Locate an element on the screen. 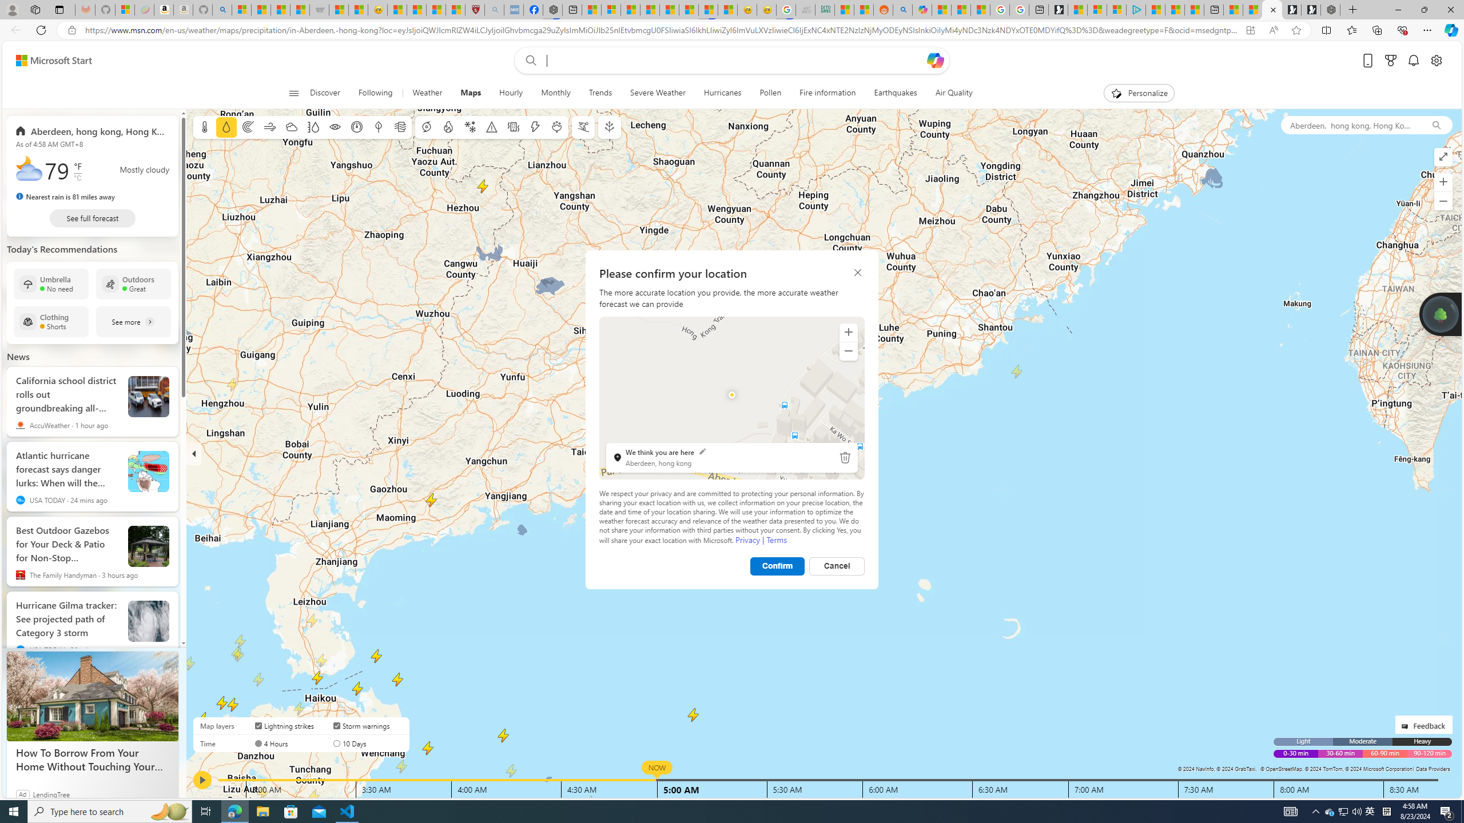 This screenshot has width=1464, height=823. 'Discover' is located at coordinates (329, 93).